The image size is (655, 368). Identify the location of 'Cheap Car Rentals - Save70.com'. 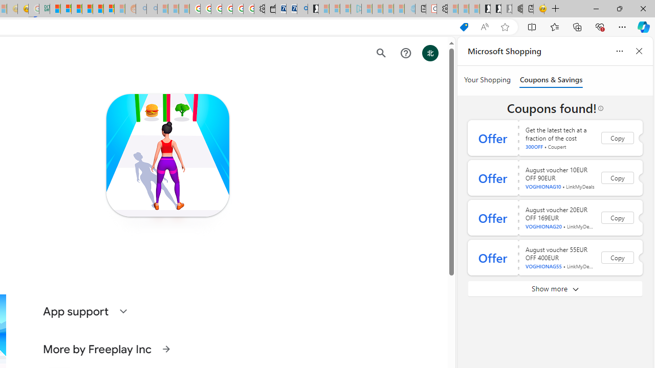
(291, 9).